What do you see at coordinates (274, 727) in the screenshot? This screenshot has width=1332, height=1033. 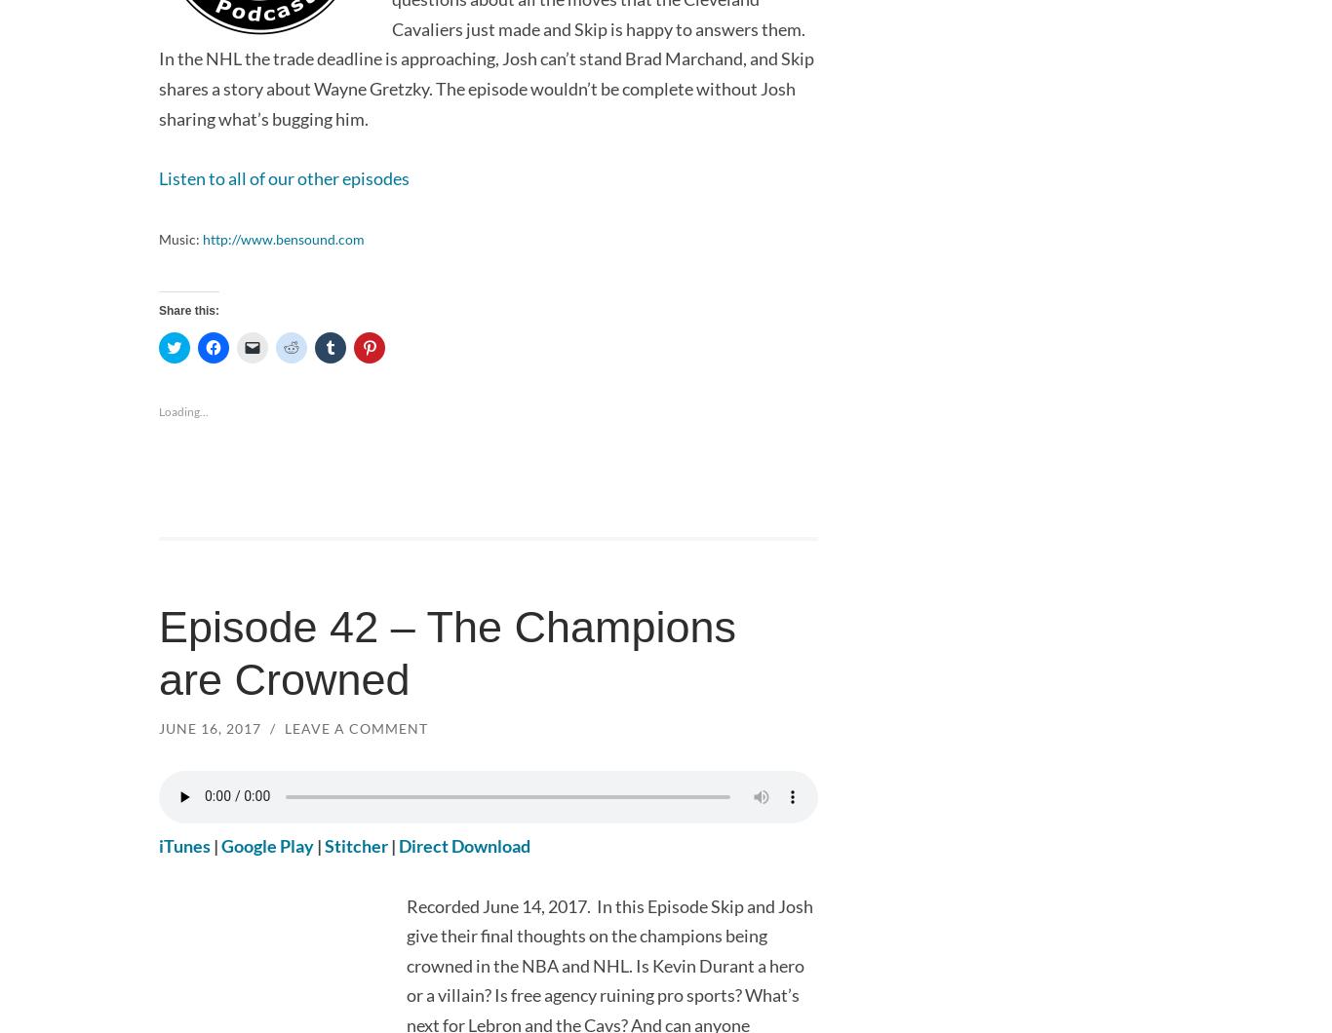 I see `'/'` at bounding box center [274, 727].